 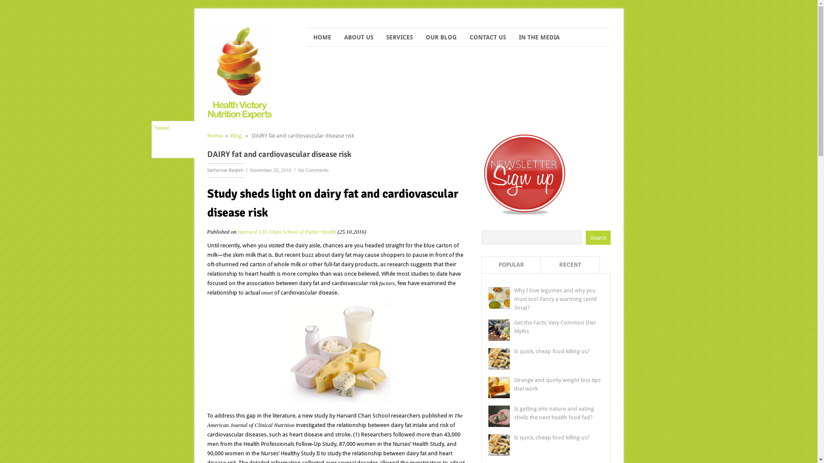 What do you see at coordinates (463, 37) in the screenshot?
I see `'CONTACT US'` at bounding box center [463, 37].